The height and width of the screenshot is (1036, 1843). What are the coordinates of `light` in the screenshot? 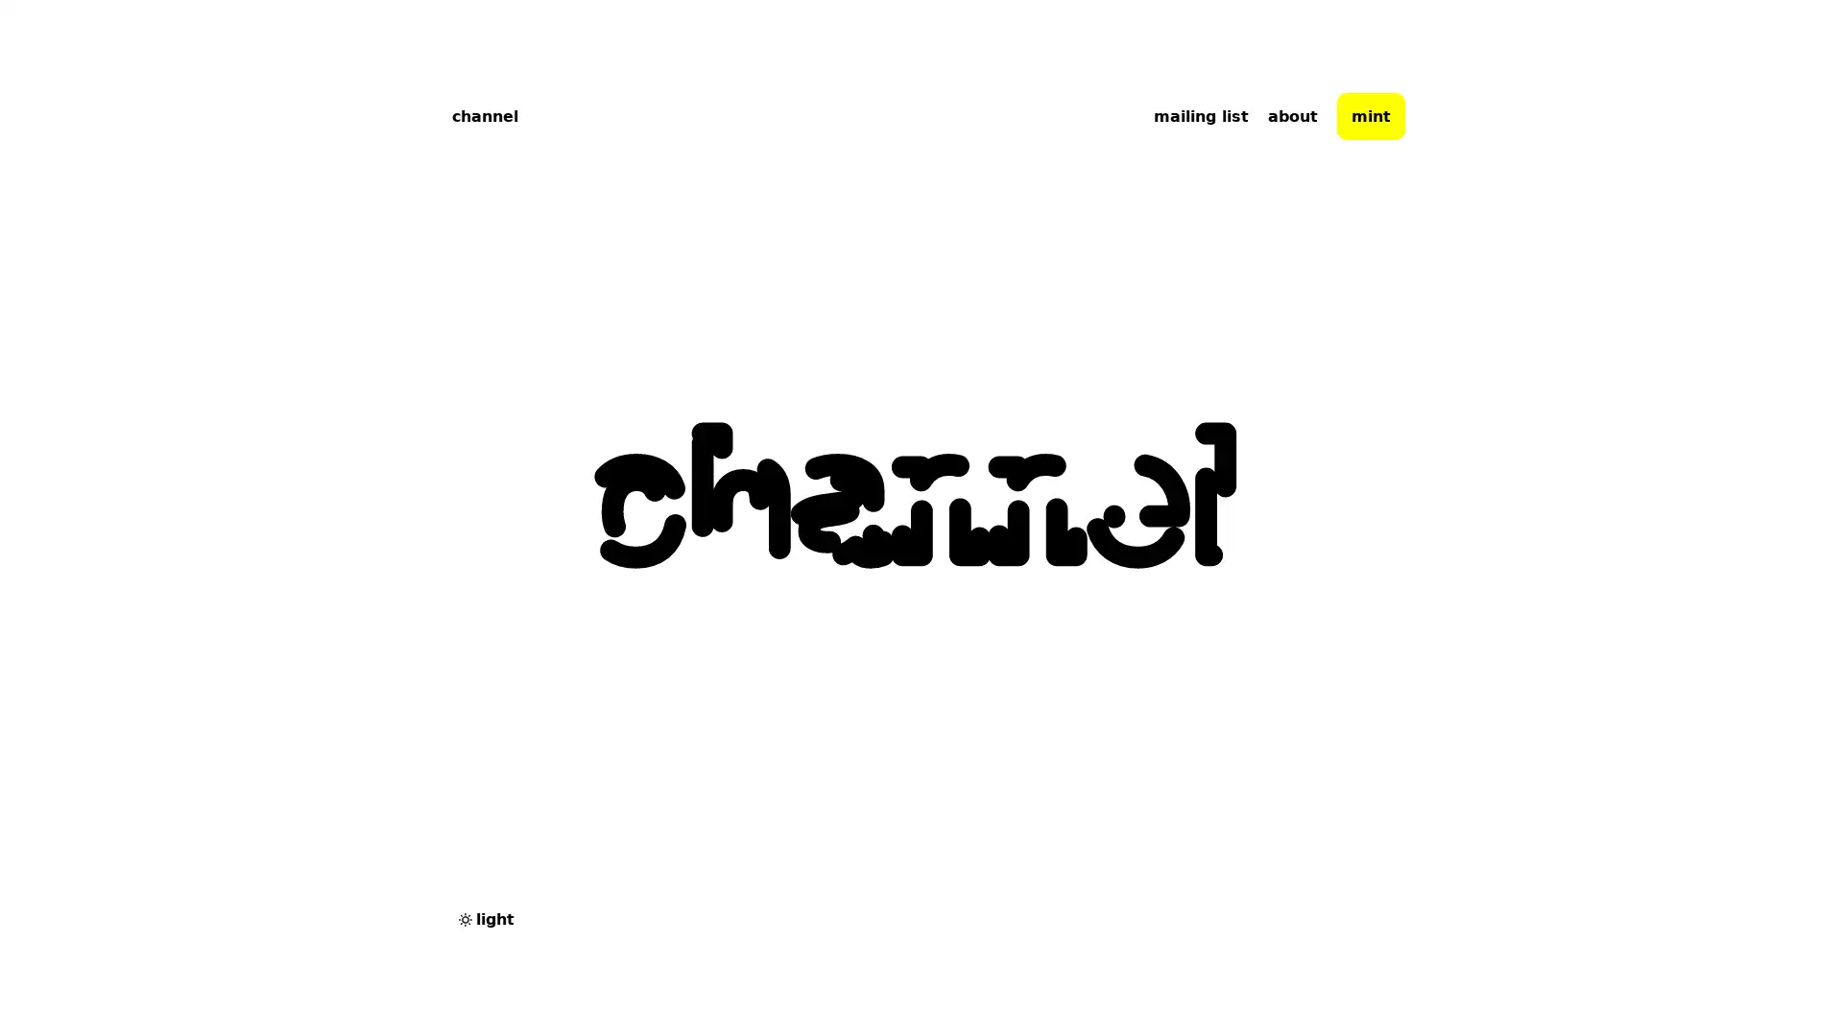 It's located at (485, 918).